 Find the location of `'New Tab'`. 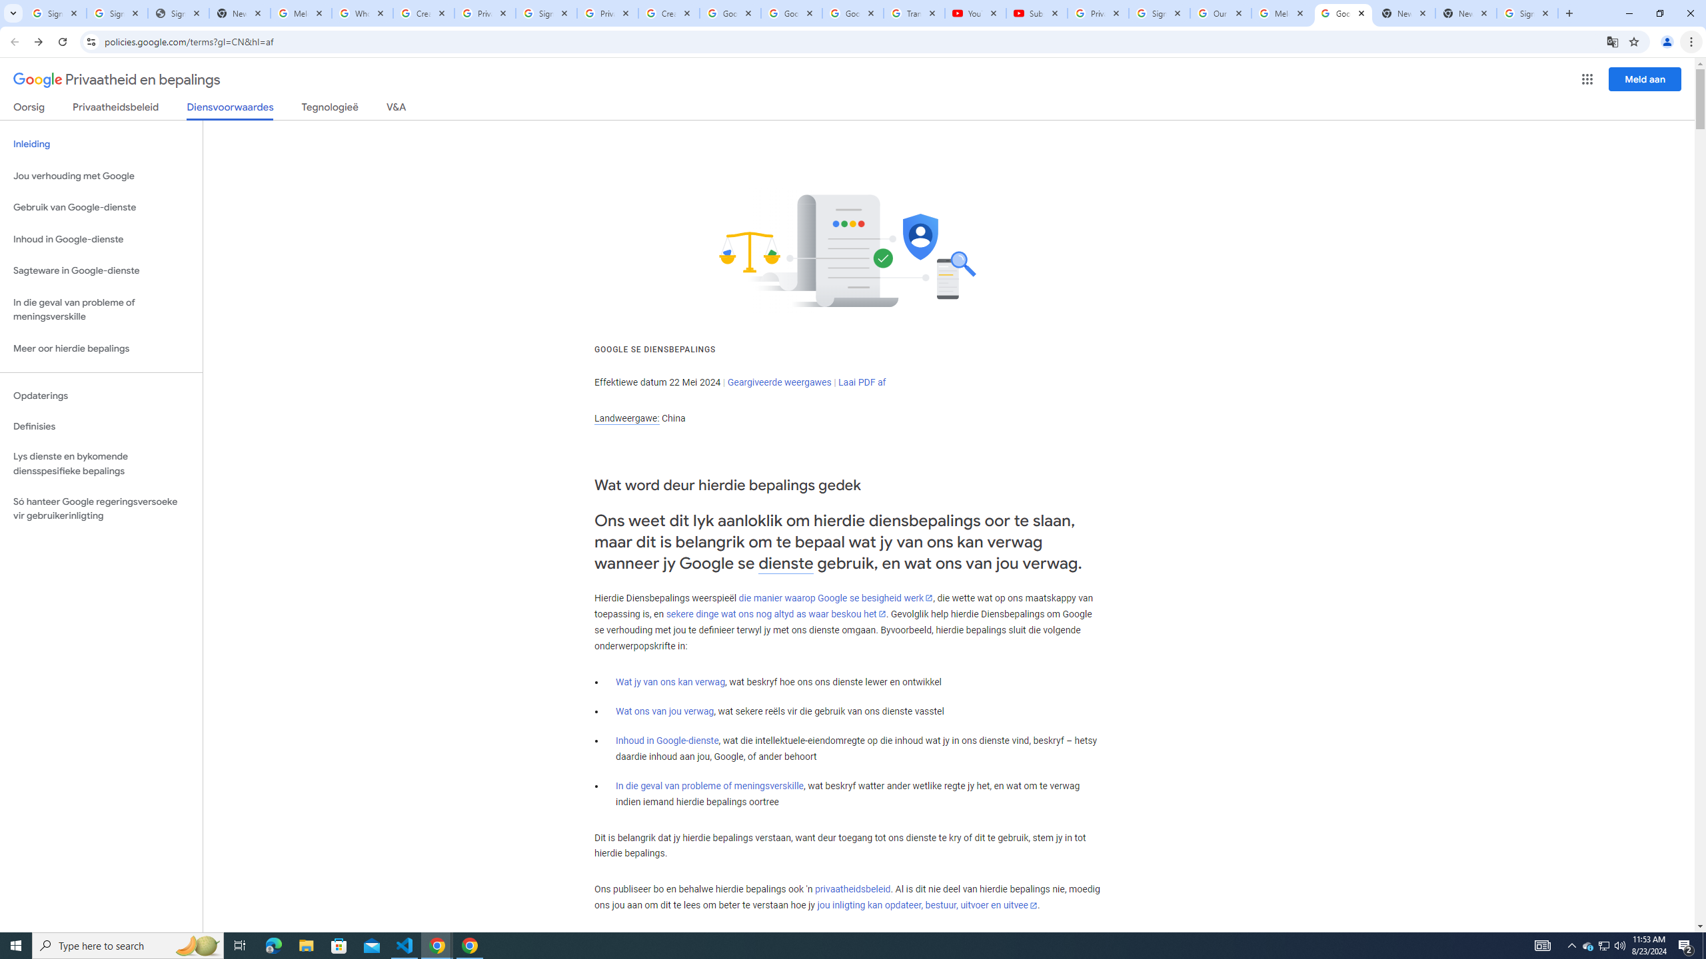

'New Tab' is located at coordinates (1466, 13).